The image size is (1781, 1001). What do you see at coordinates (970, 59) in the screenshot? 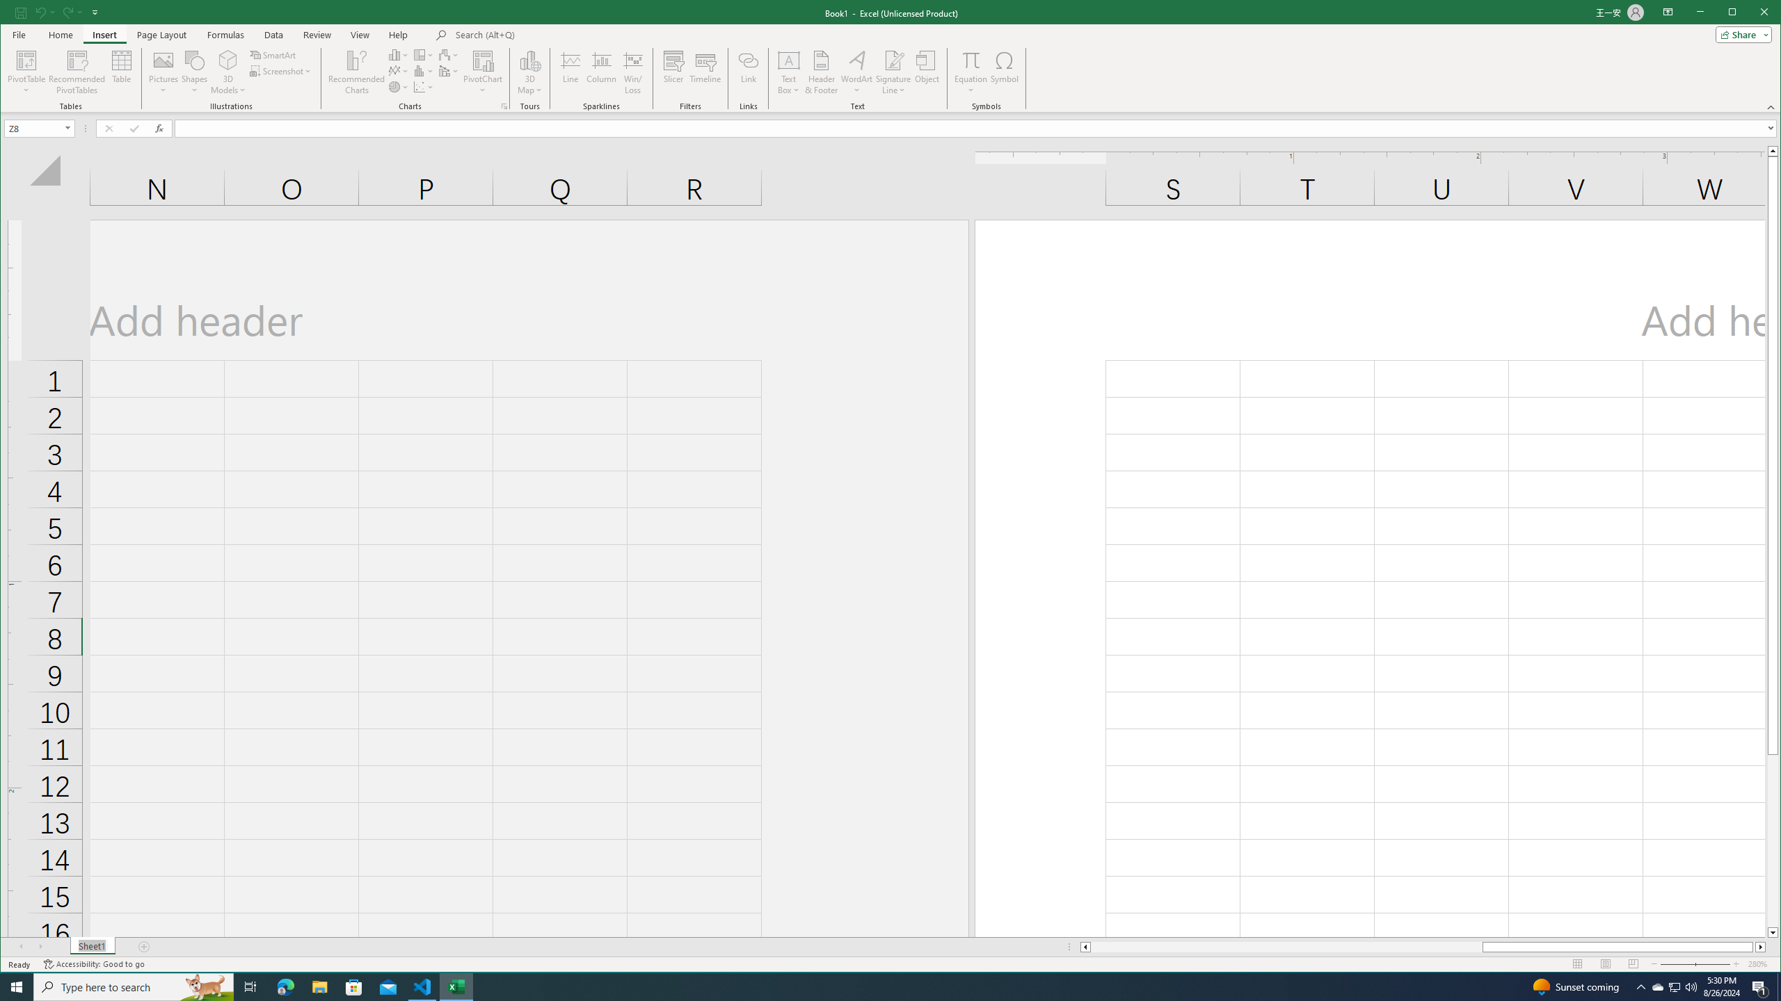
I see `'Equation'` at bounding box center [970, 59].